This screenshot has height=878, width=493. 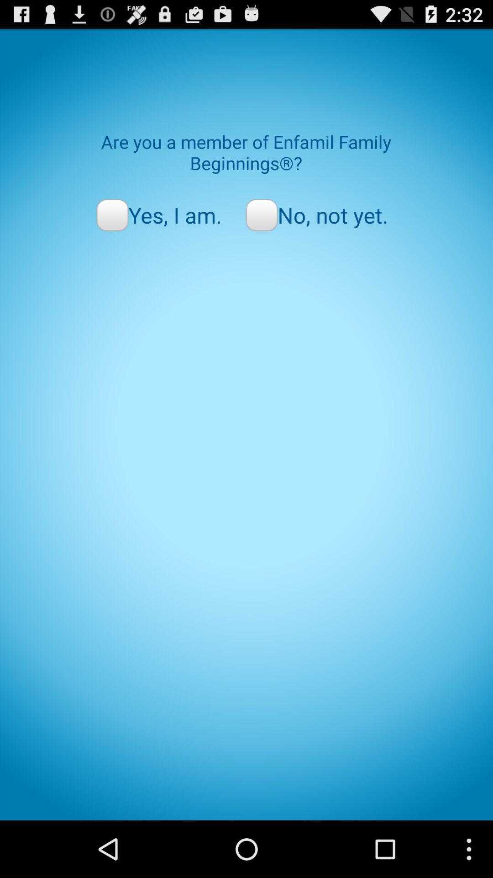 What do you see at coordinates (316, 214) in the screenshot?
I see `the item next to yes, i am. icon` at bounding box center [316, 214].